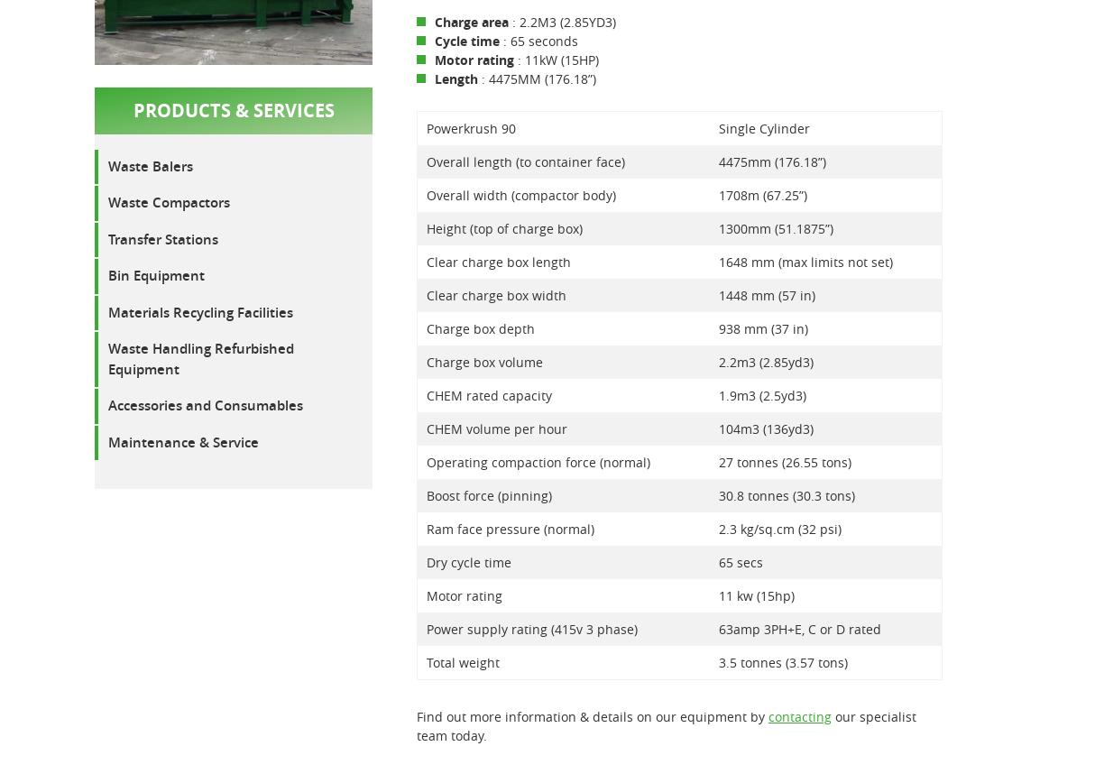 Image resolution: width=1095 pixels, height=774 pixels. Describe the element at coordinates (470, 21) in the screenshot. I see `'Charge area'` at that location.